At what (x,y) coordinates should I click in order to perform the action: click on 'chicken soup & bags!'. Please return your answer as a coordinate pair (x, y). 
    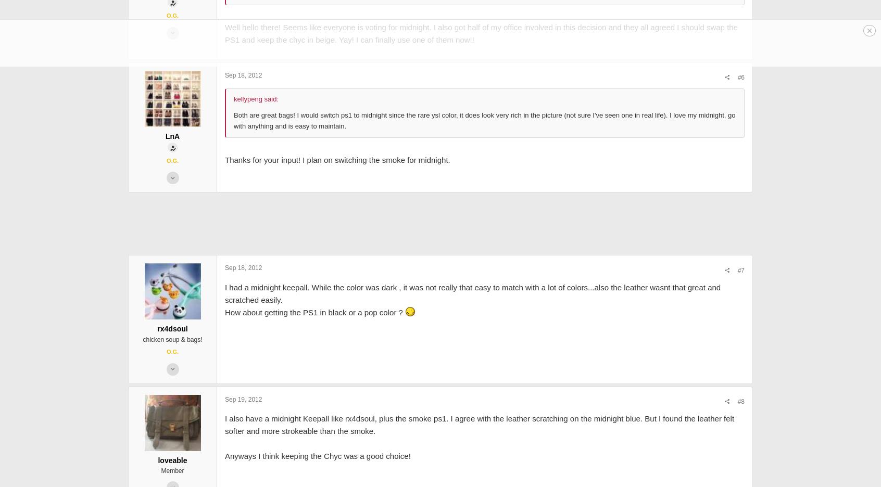
    Looking at the image, I should click on (171, 413).